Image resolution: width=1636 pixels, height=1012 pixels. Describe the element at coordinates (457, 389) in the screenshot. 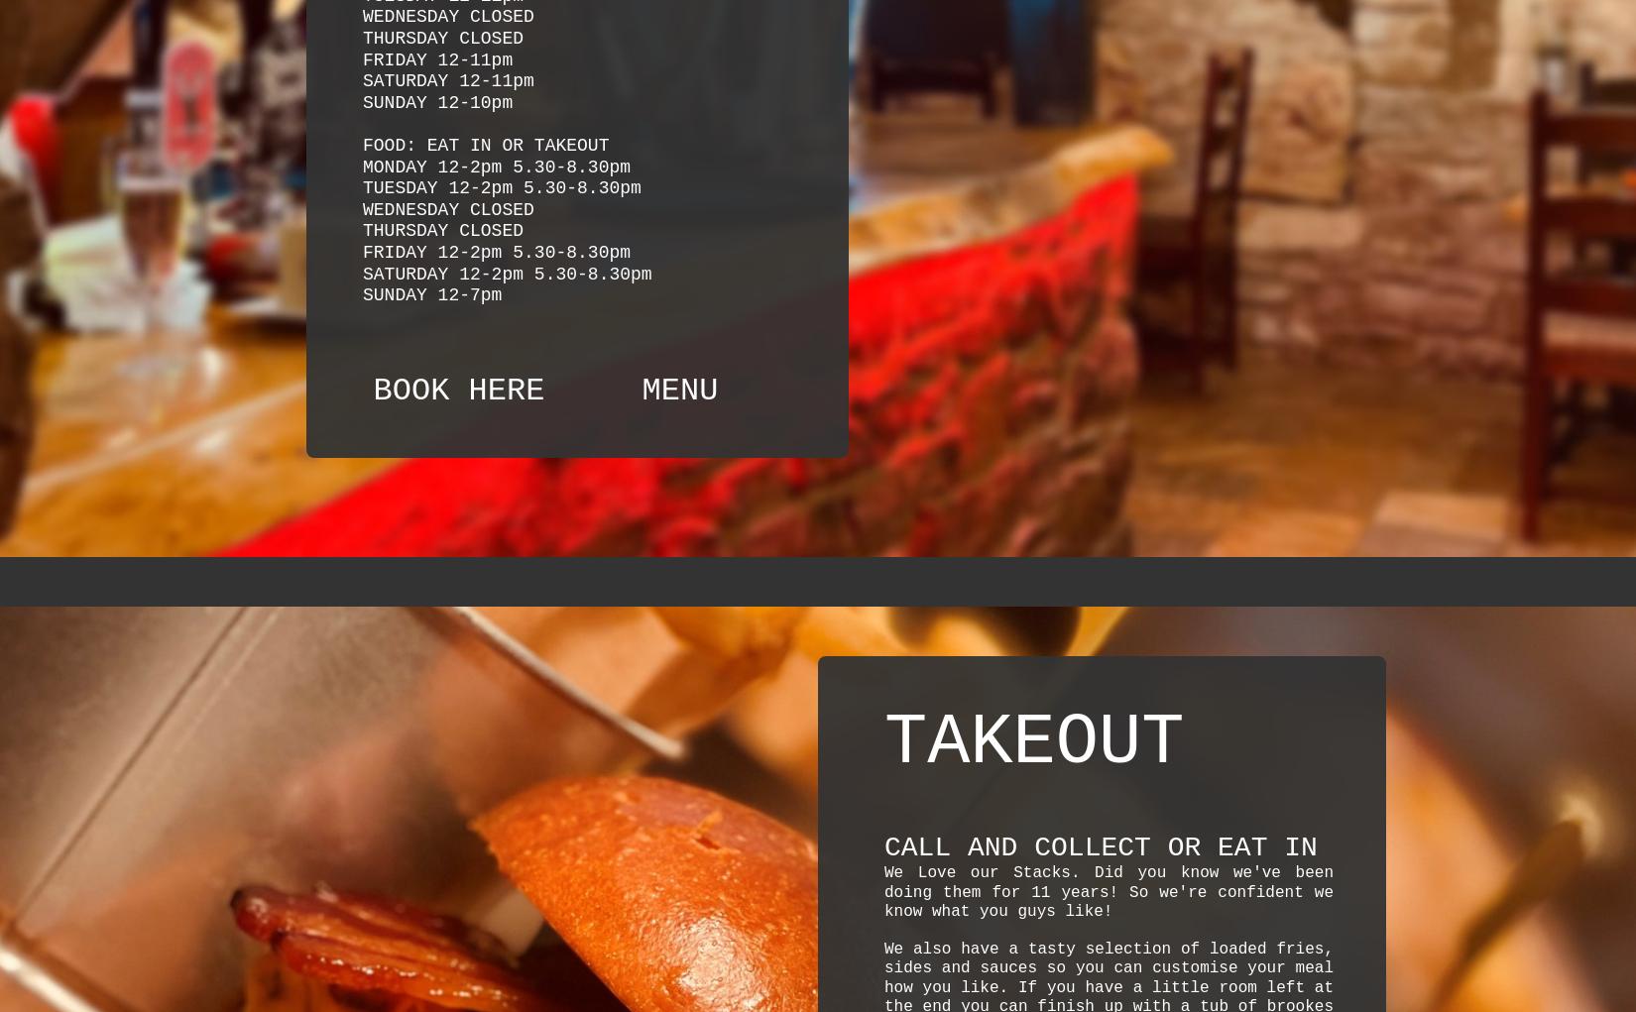

I see `'BOOK HERE'` at that location.